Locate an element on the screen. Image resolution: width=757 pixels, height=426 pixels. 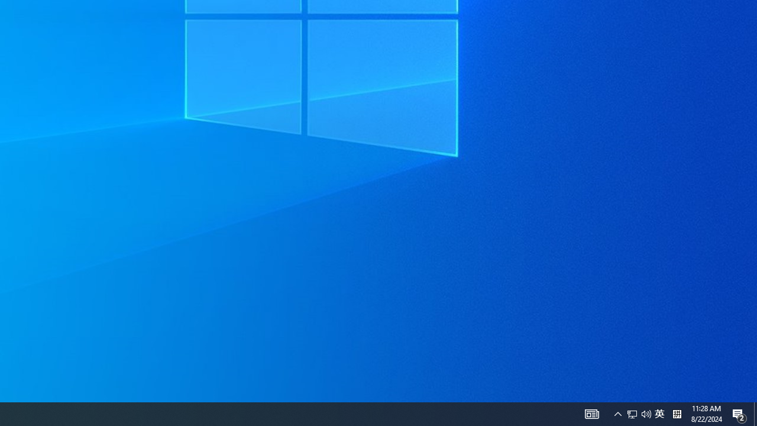
'AutomationID: 4105' is located at coordinates (591, 413).